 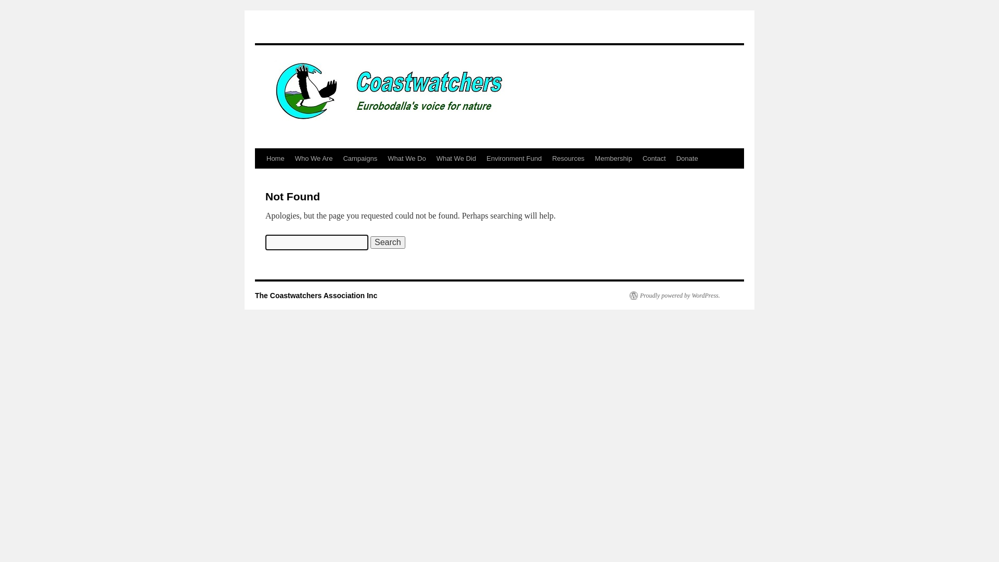 What do you see at coordinates (360, 158) in the screenshot?
I see `'Campaigns'` at bounding box center [360, 158].